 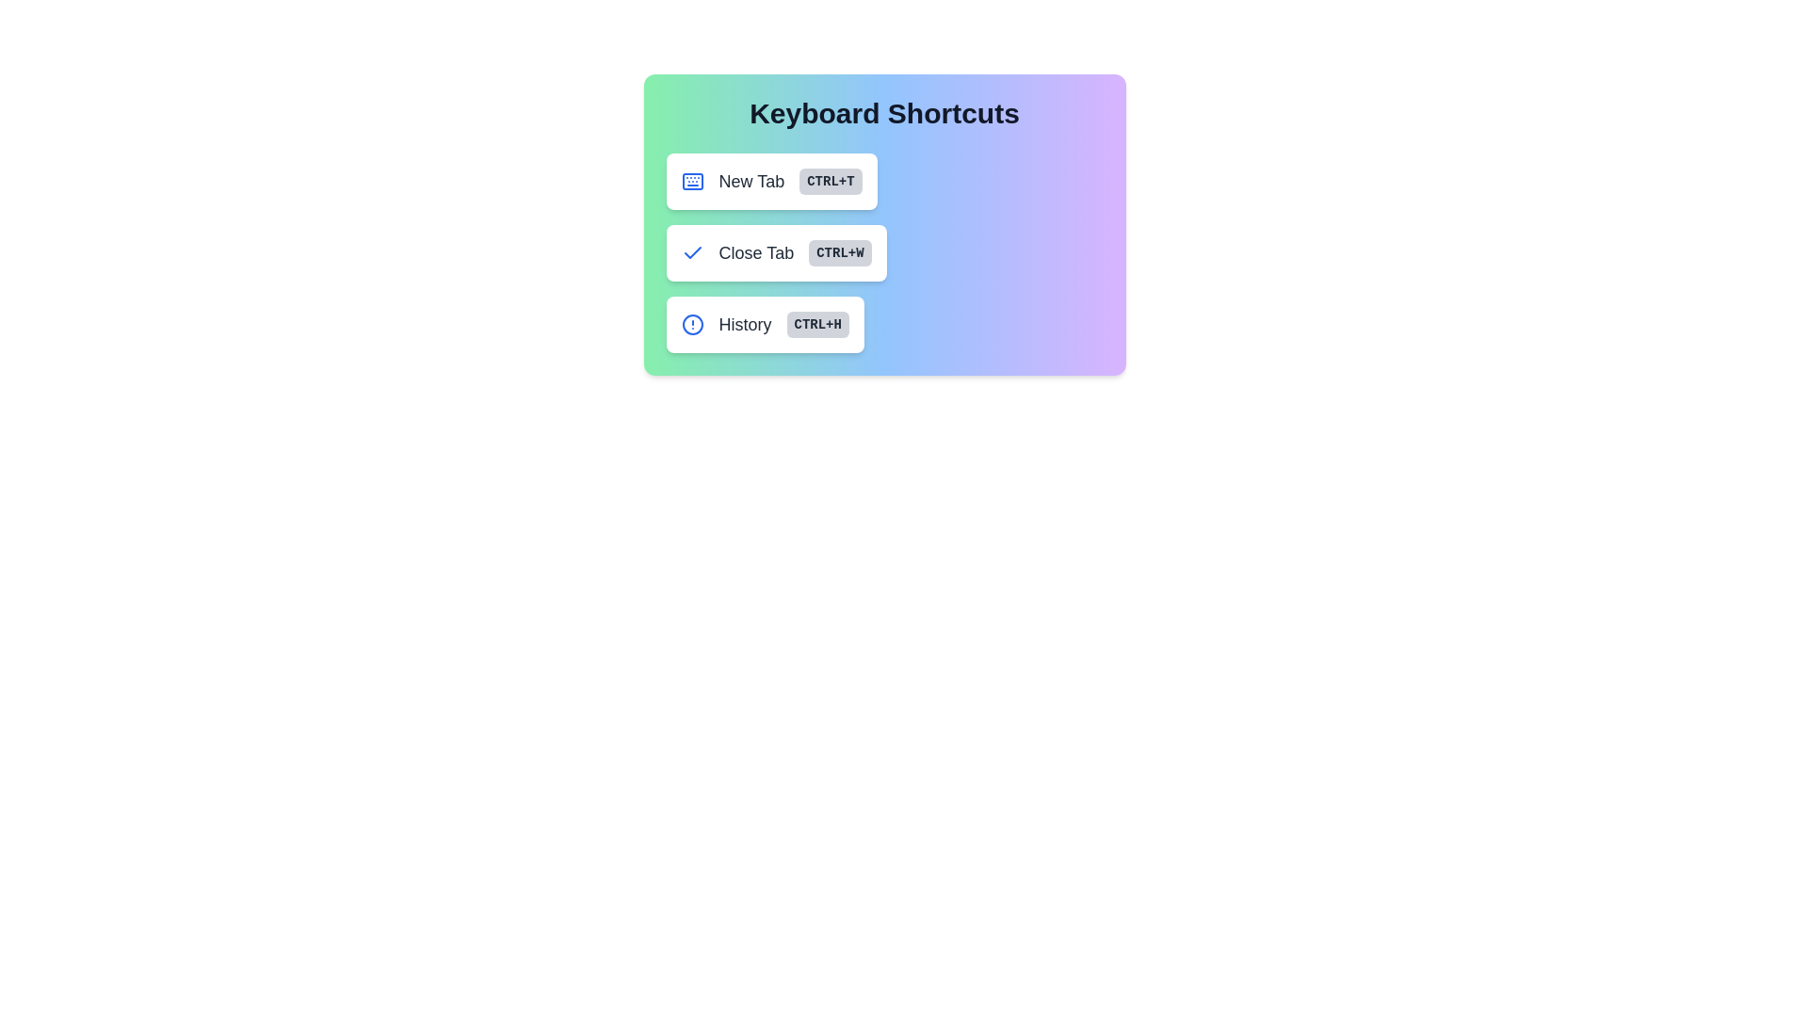 I want to click on the circular blue icon with warning marks, which is the first sibling element of the 'History Ctrl+H' button, so click(x=691, y=323).